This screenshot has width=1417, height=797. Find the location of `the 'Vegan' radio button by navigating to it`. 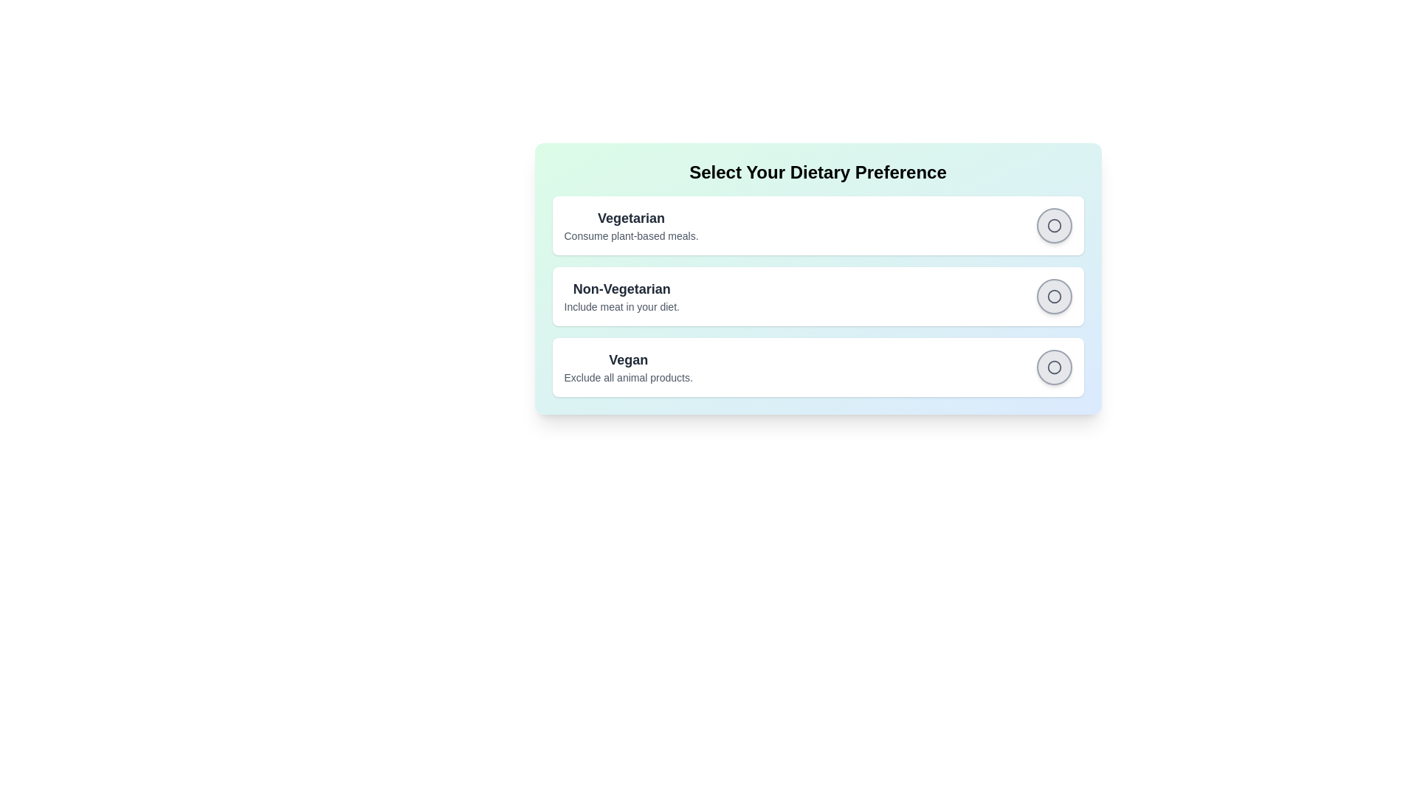

the 'Vegan' radio button by navigating to it is located at coordinates (1053, 366).